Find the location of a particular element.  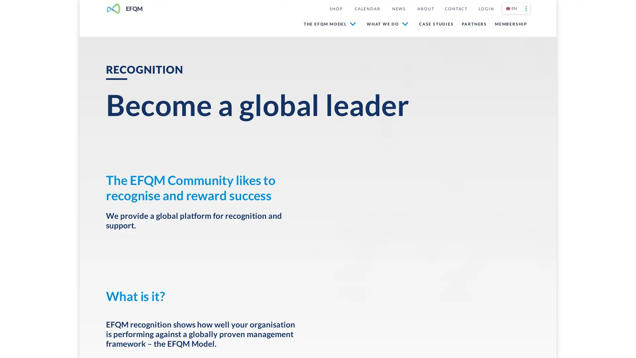

CONTACT is located at coordinates (456, 9).